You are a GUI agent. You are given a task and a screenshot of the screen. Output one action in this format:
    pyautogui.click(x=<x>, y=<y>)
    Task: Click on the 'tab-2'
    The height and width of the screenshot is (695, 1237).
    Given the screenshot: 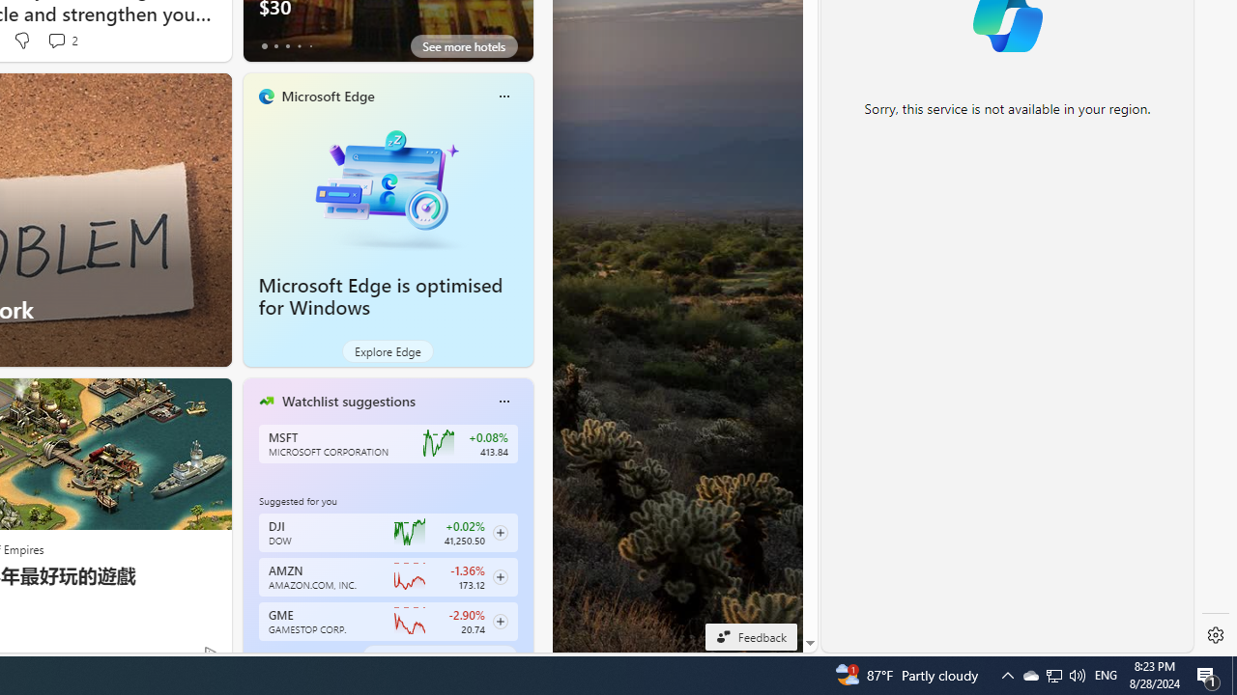 What is the action you would take?
    pyautogui.click(x=286, y=655)
    